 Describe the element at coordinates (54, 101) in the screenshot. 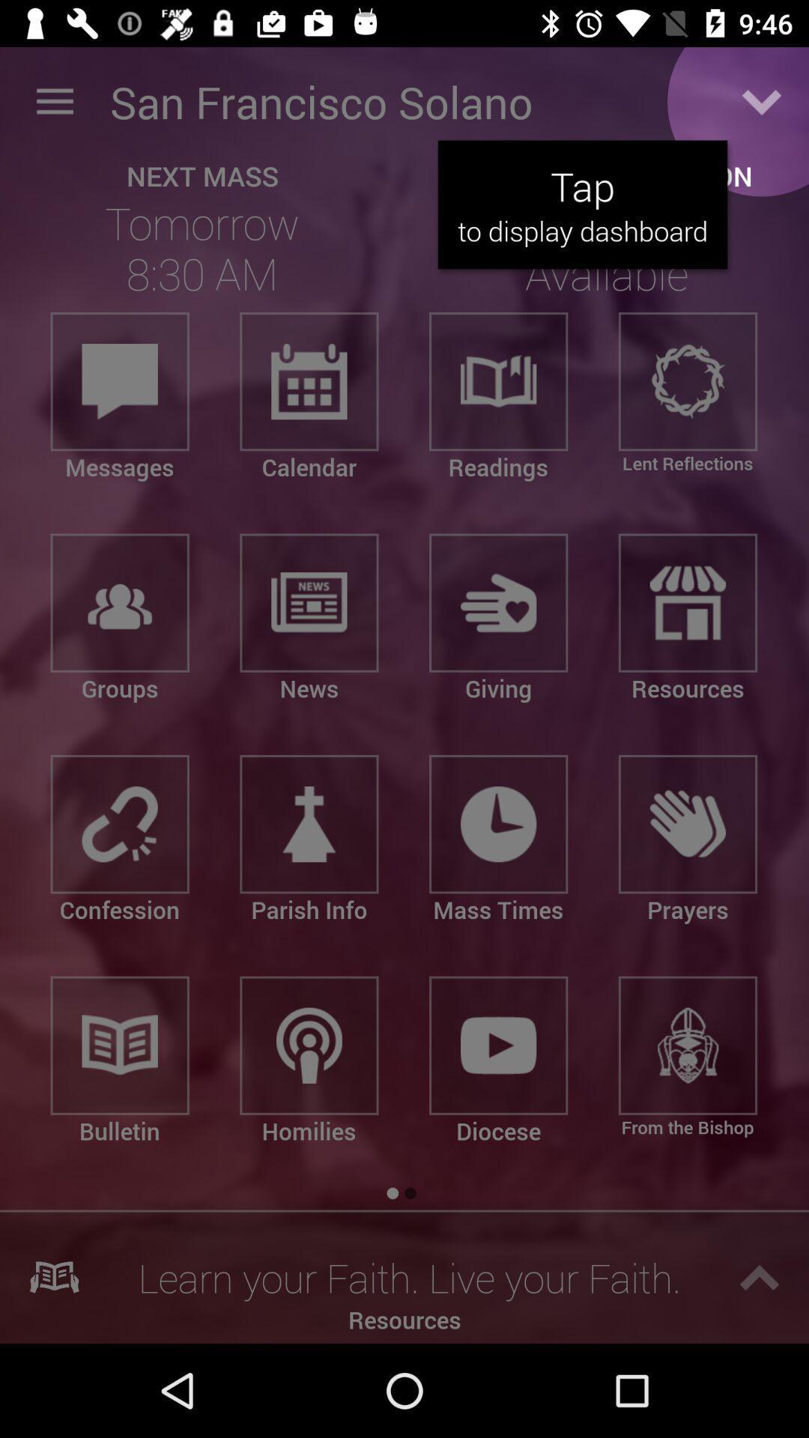

I see `the icon above the next mass item` at that location.